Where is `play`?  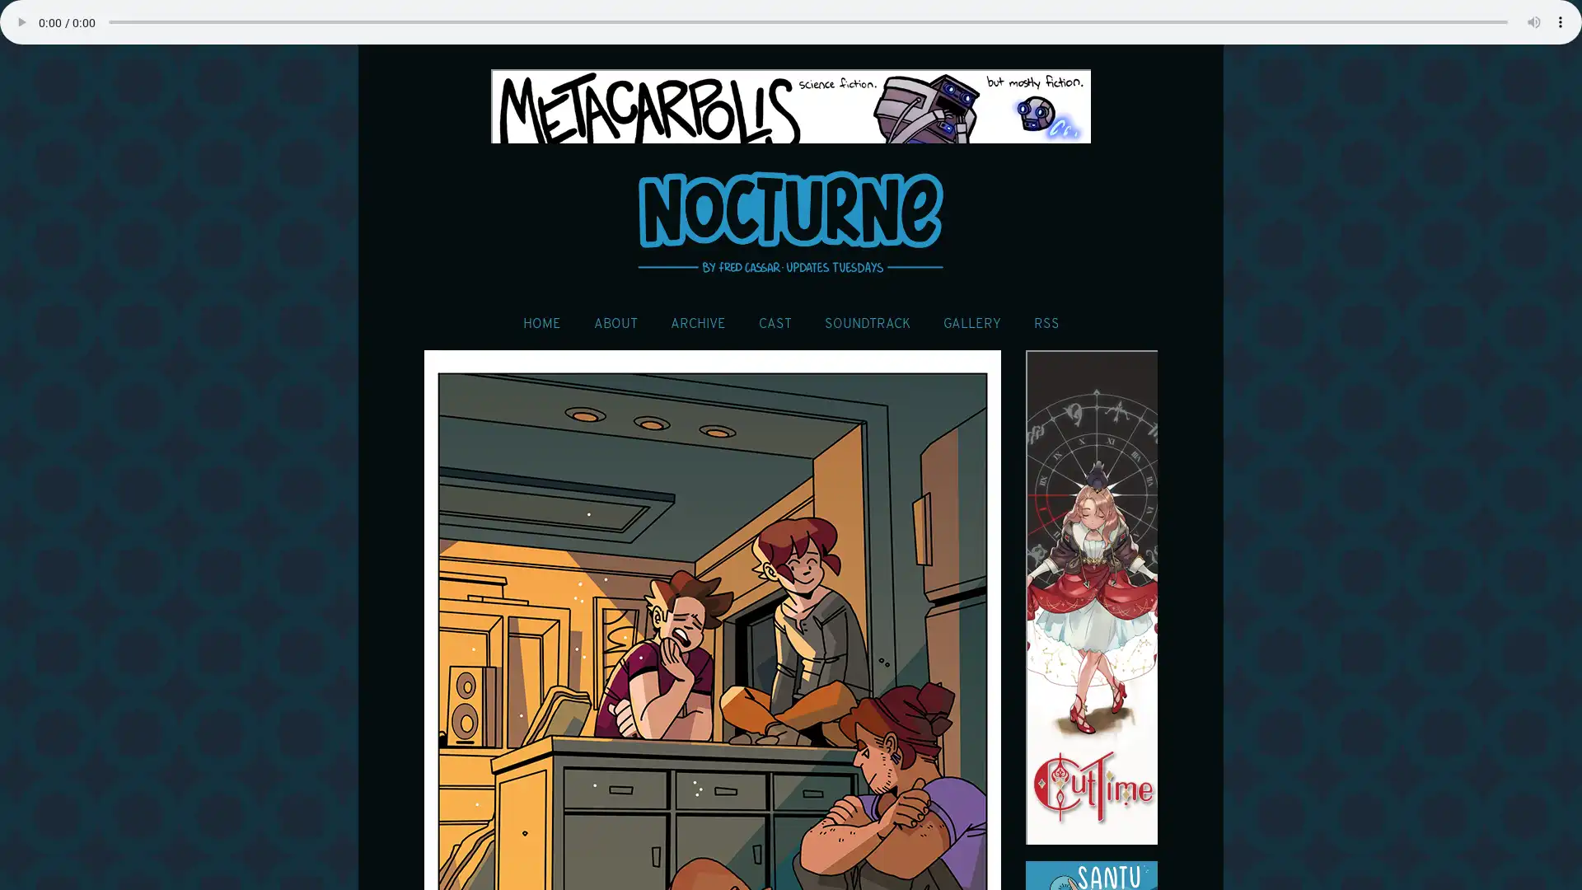 play is located at coordinates (21, 22).